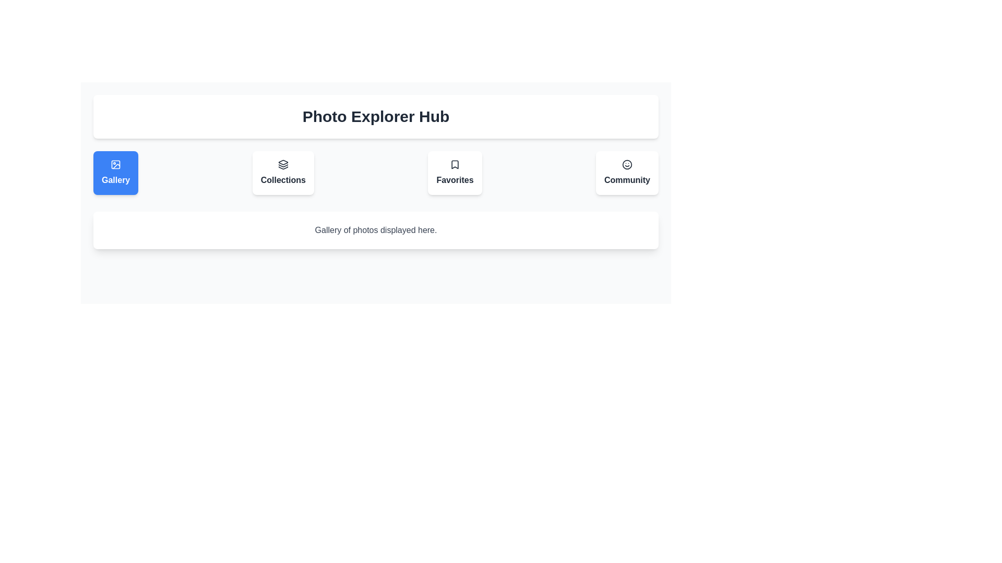  What do you see at coordinates (455, 180) in the screenshot?
I see `text label that says 'Favorites' located below the bookmark icon in the central block` at bounding box center [455, 180].